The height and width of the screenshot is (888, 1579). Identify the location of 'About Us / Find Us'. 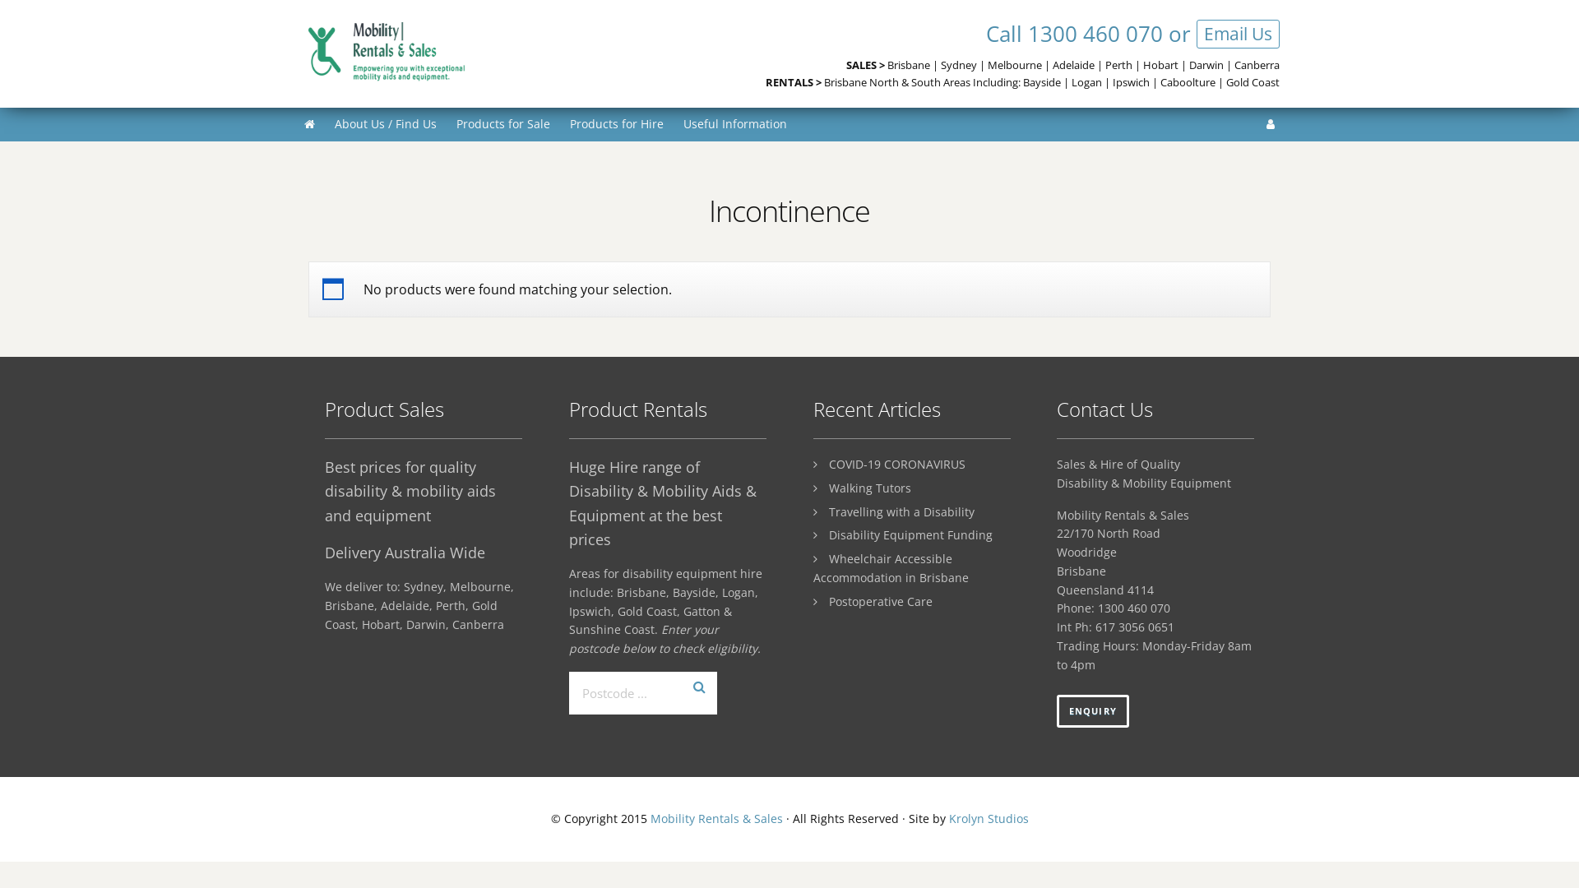
(385, 123).